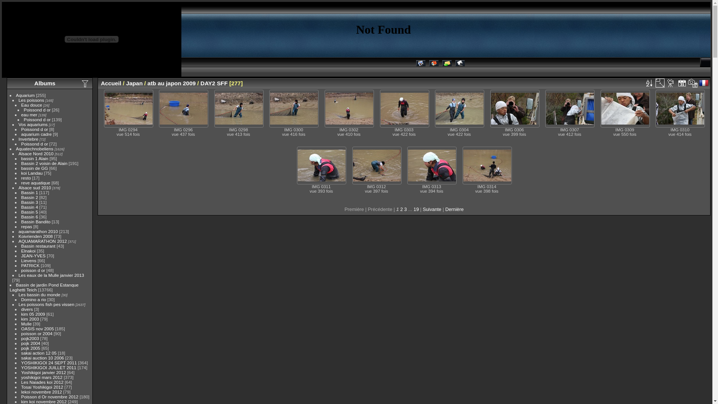 This screenshot has height=404, width=718. What do you see at coordinates (44, 163) in the screenshot?
I see `'Bassin 2 voisin de Alain'` at bounding box center [44, 163].